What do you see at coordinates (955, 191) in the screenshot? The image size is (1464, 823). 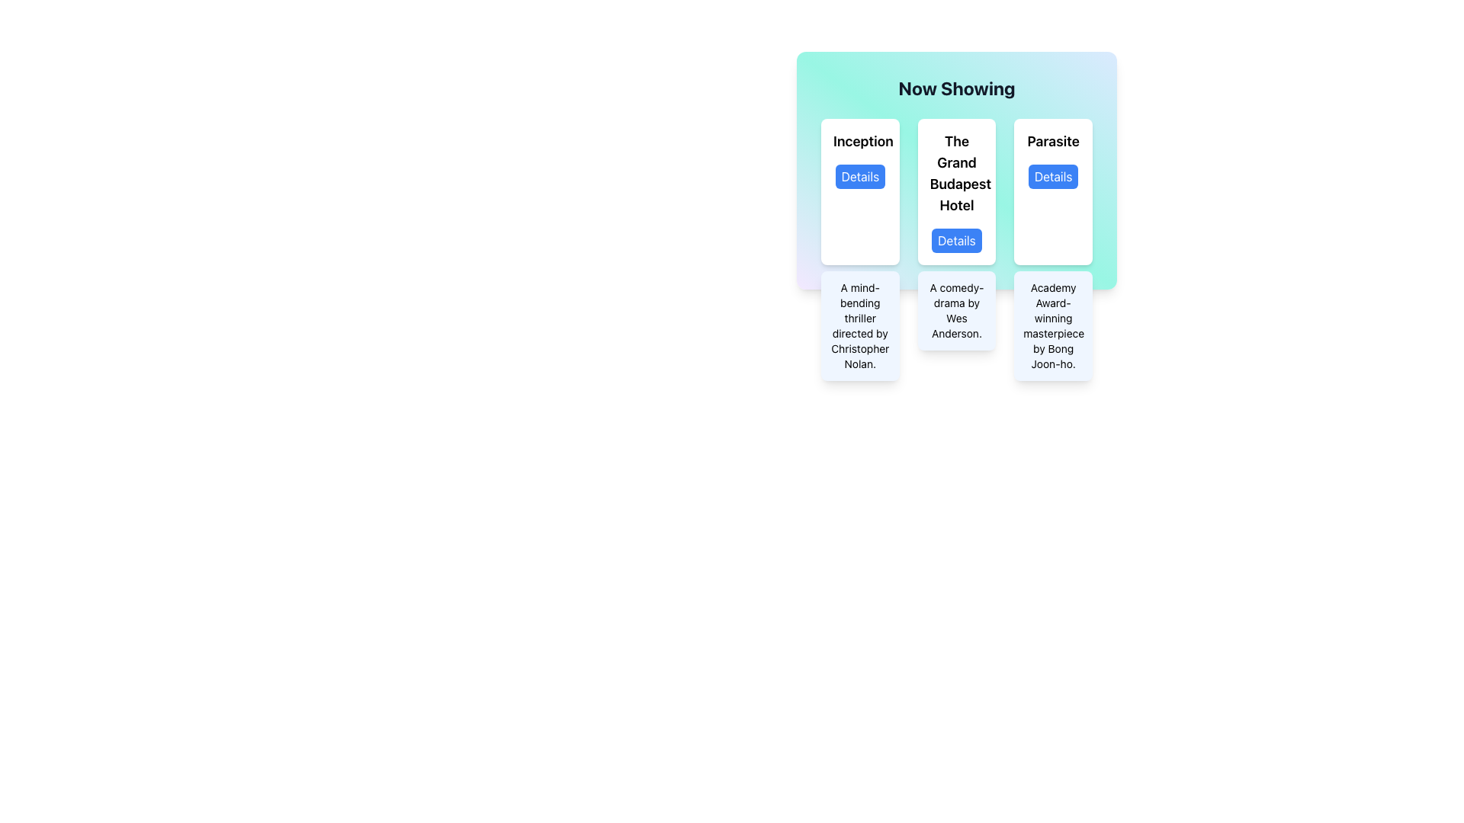 I see `the card titled 'The Grand Budapest Hotel' in the grid layout which is centrally located under the 'Now Showing' section` at bounding box center [955, 191].